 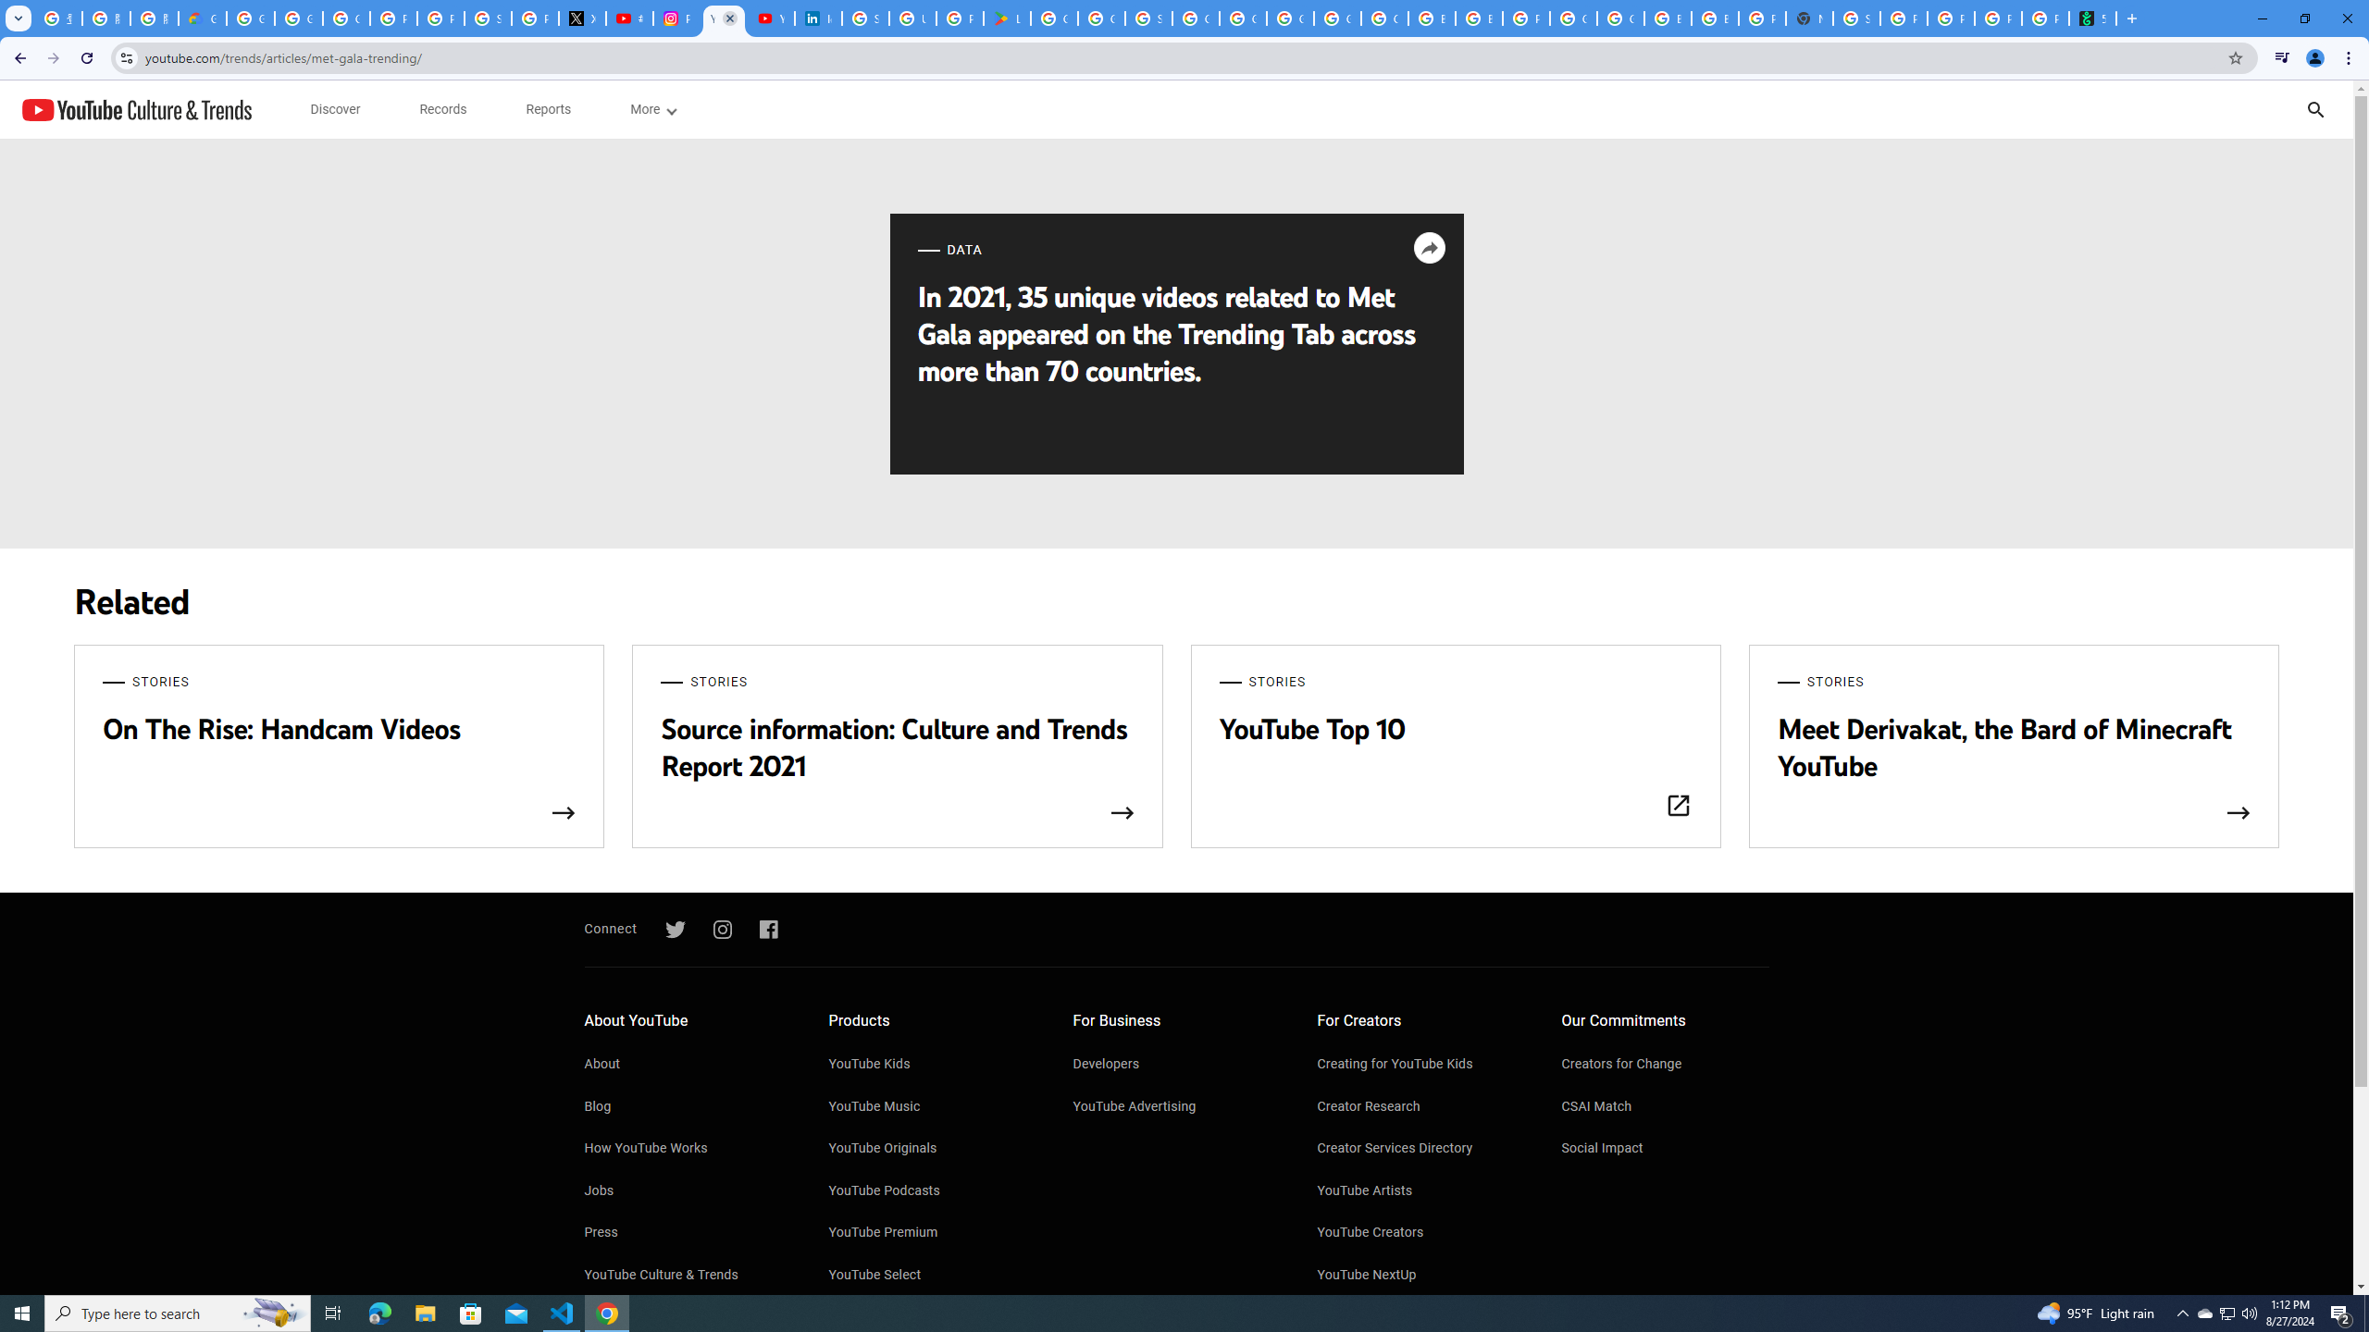 I want to click on 'STORIES On The Rise: Handcam Videos', so click(x=339, y=746).